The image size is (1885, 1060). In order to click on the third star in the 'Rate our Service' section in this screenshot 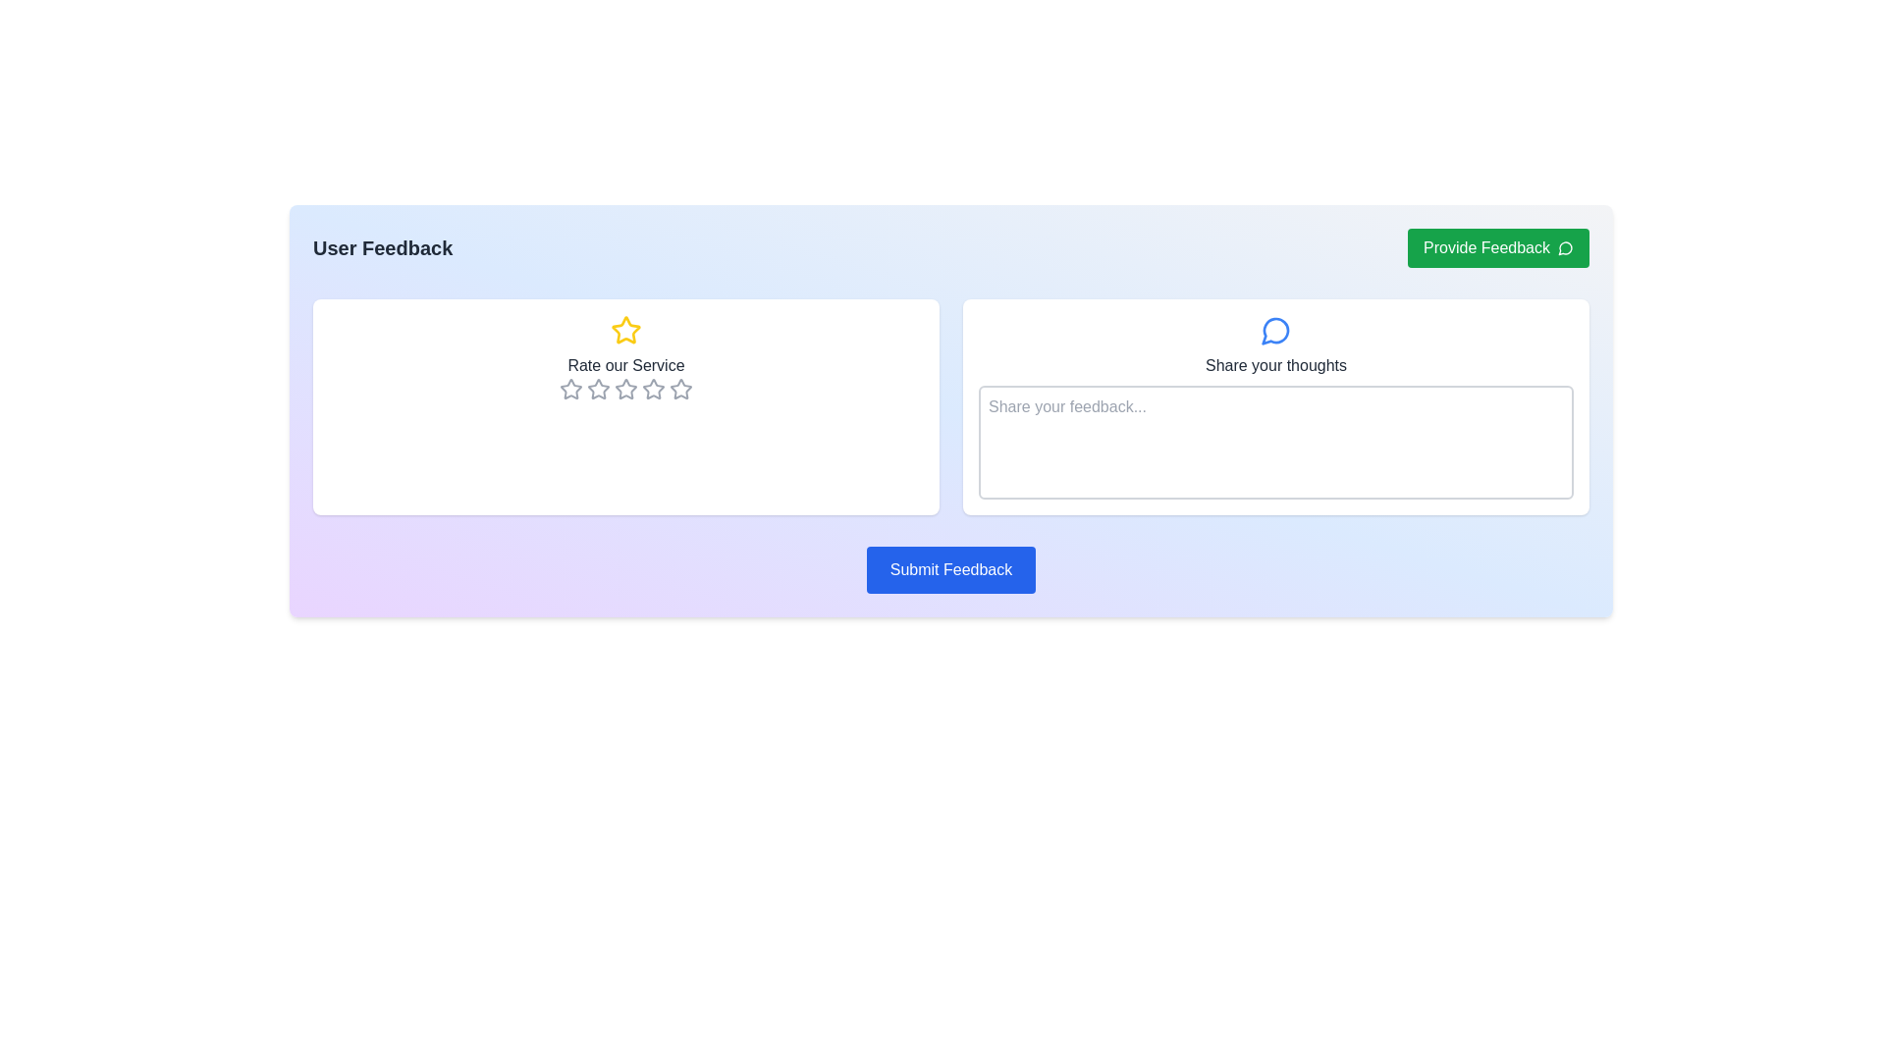, I will do `click(654, 389)`.